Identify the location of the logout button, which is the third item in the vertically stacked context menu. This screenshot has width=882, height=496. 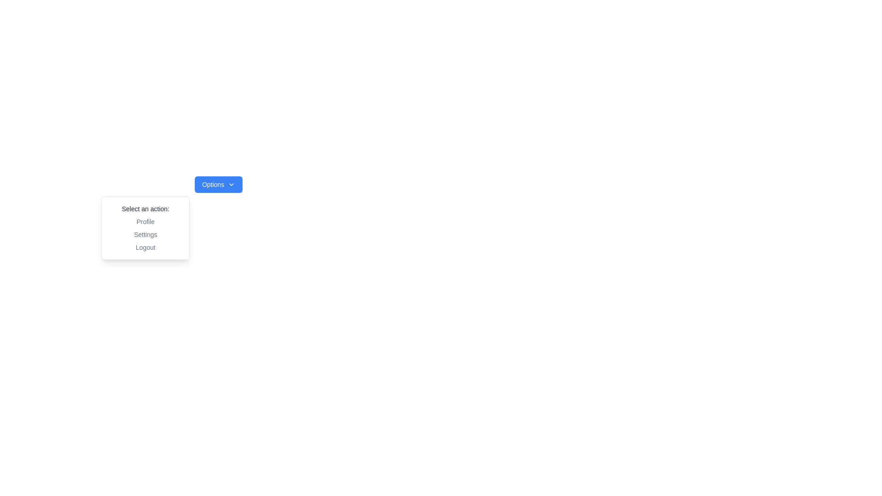
(145, 247).